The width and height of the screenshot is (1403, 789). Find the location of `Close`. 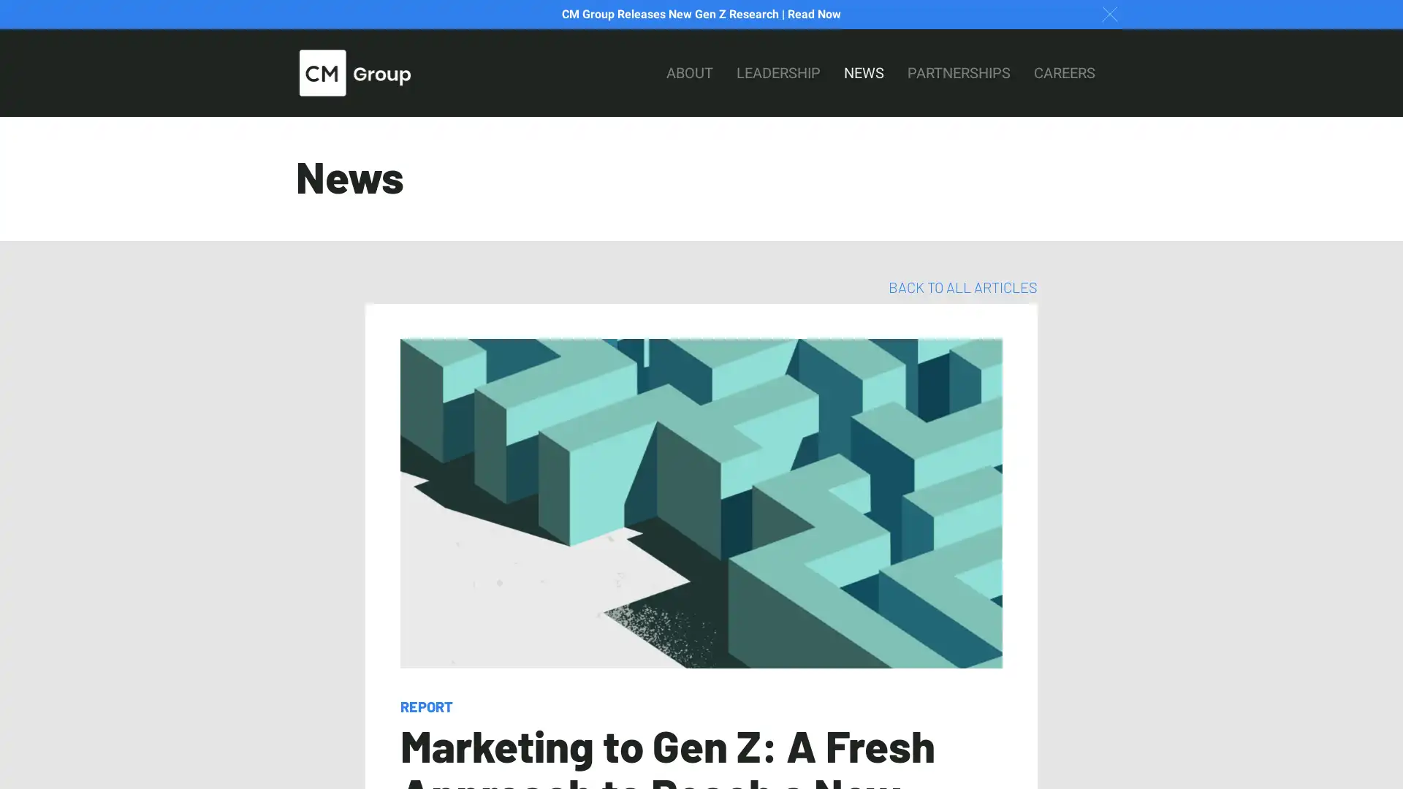

Close is located at coordinates (1109, 13).